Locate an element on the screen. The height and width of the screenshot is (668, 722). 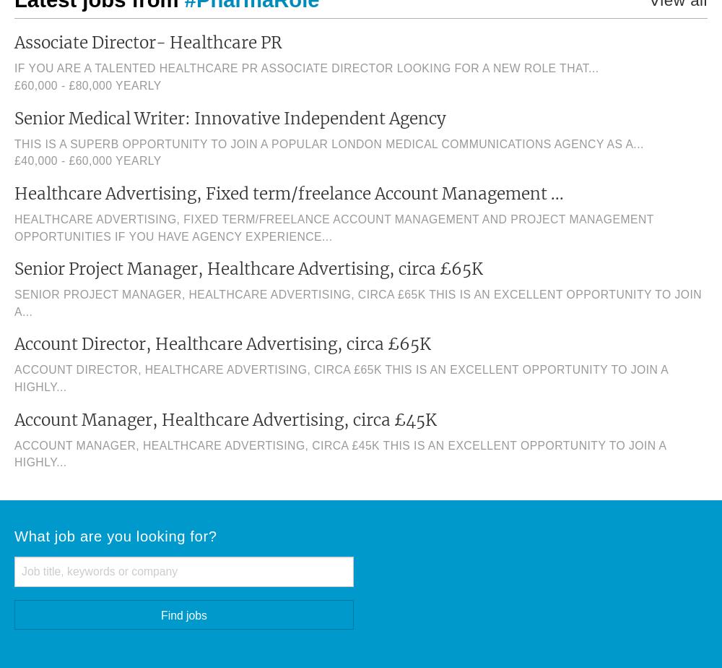
'Account Manager, Healthcare Advertising, circa £45K' is located at coordinates (225, 419).